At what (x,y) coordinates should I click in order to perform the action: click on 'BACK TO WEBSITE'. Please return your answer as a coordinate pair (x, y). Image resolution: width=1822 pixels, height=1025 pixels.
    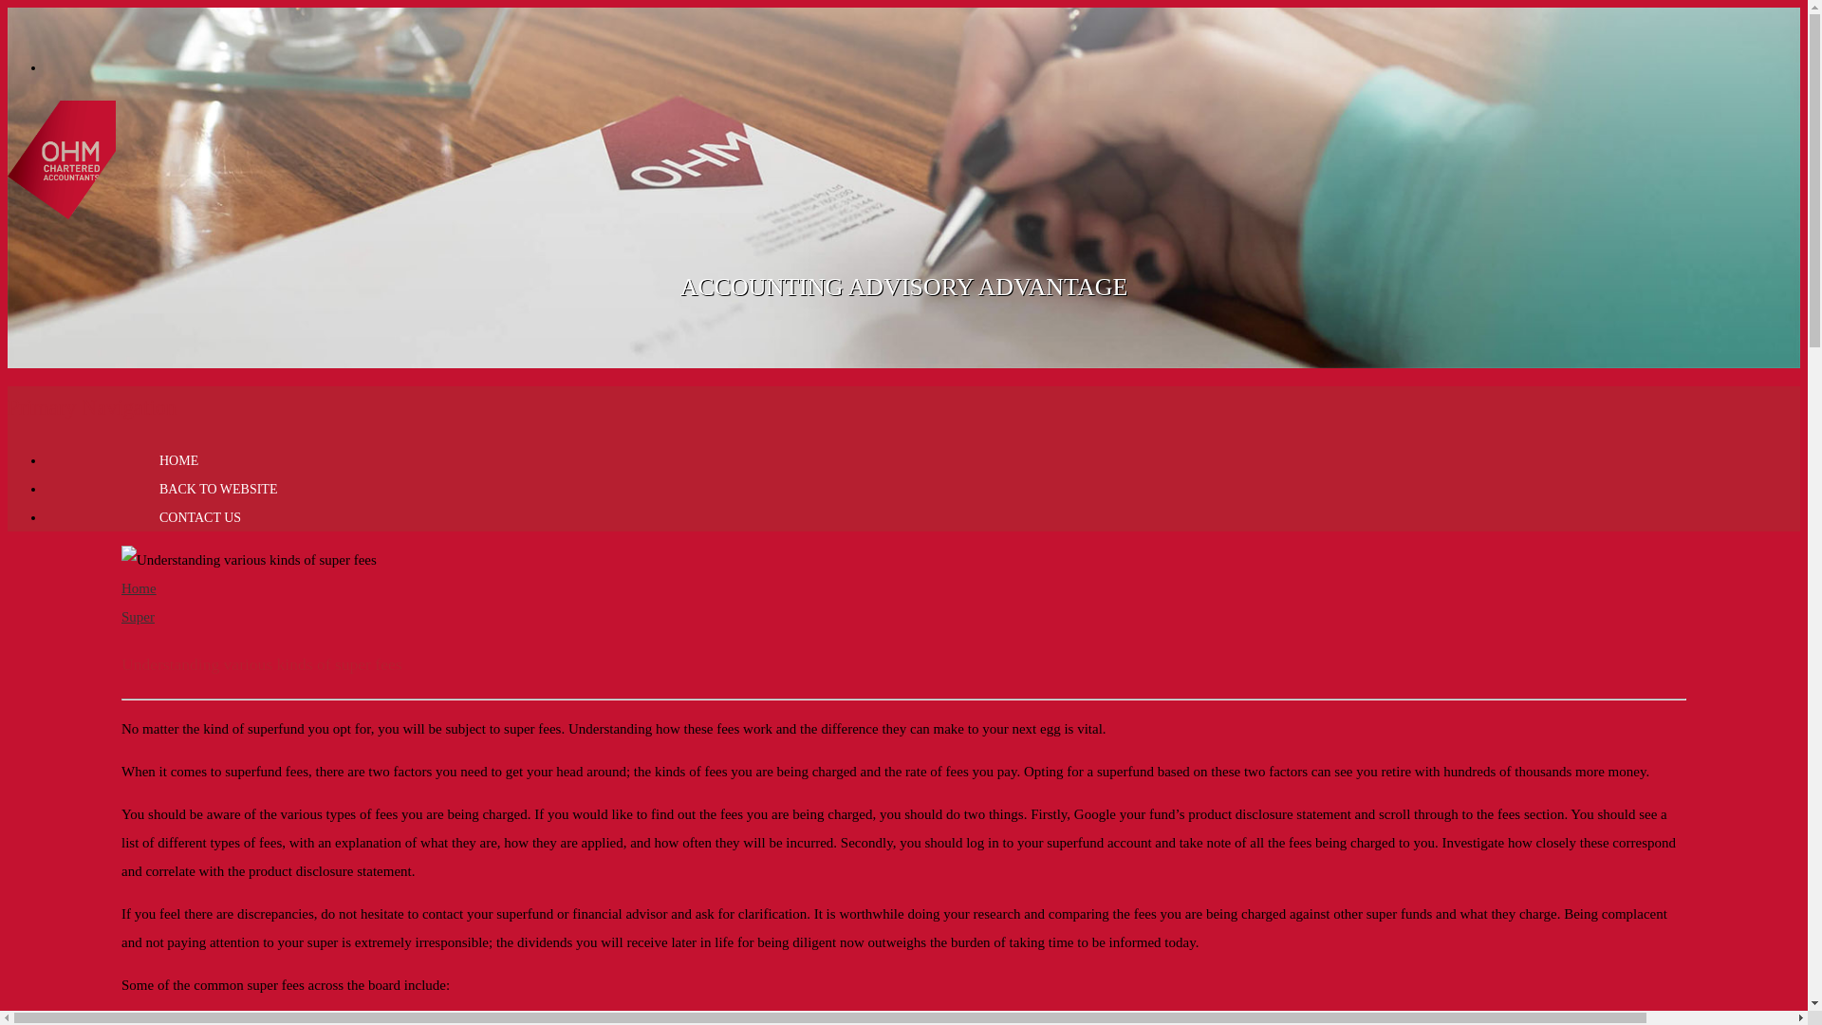
    Looking at the image, I should click on (218, 488).